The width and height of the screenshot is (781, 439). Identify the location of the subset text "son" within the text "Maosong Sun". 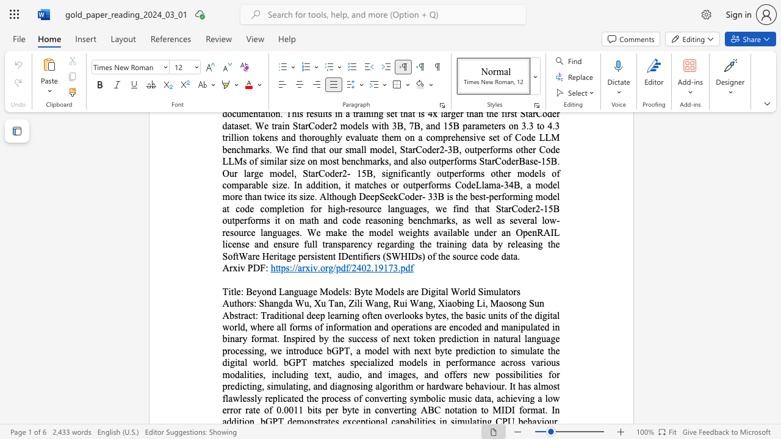
(508, 302).